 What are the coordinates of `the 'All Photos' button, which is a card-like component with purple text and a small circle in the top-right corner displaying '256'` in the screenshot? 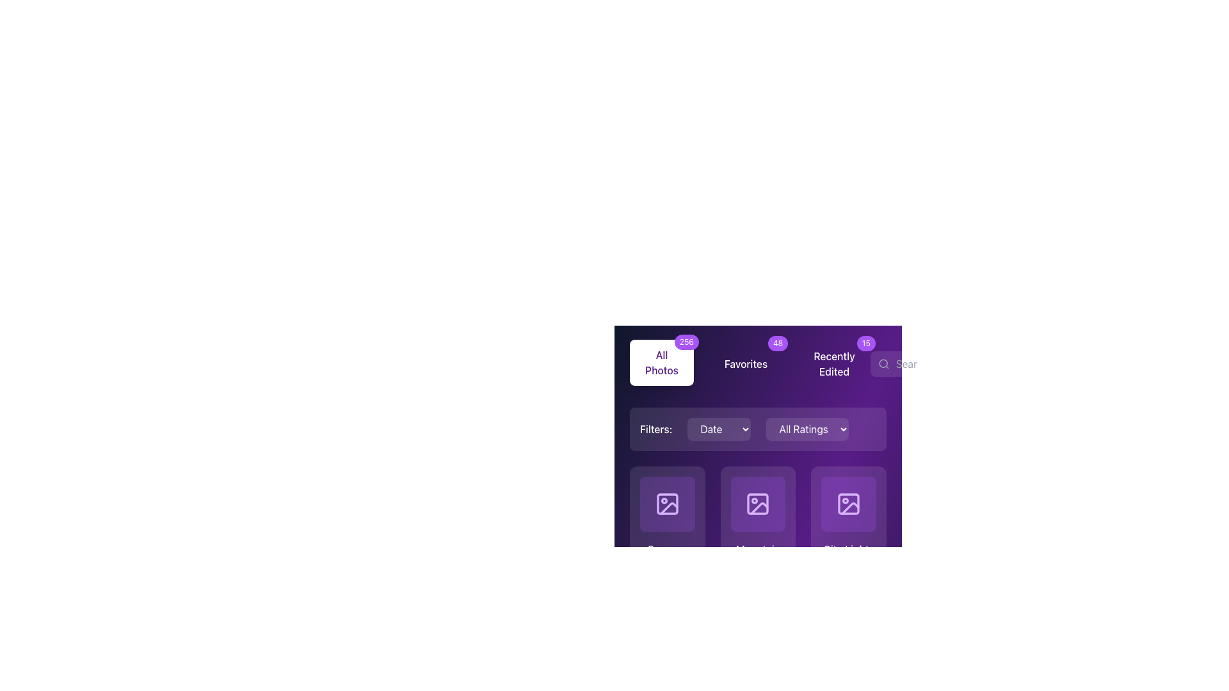 It's located at (661, 363).